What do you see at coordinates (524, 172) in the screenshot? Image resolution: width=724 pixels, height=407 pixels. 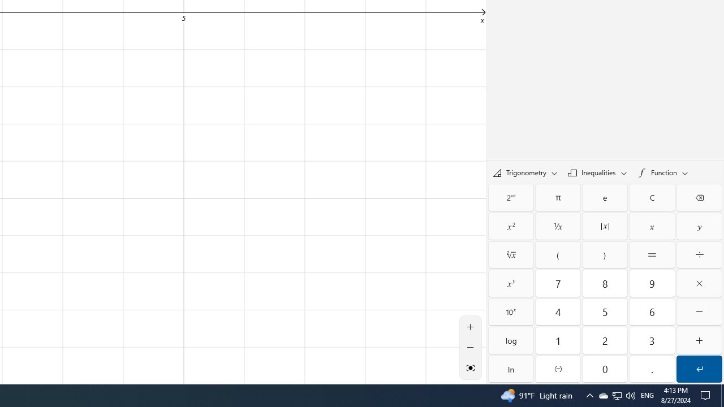 I see `'Trigonometry'` at bounding box center [524, 172].